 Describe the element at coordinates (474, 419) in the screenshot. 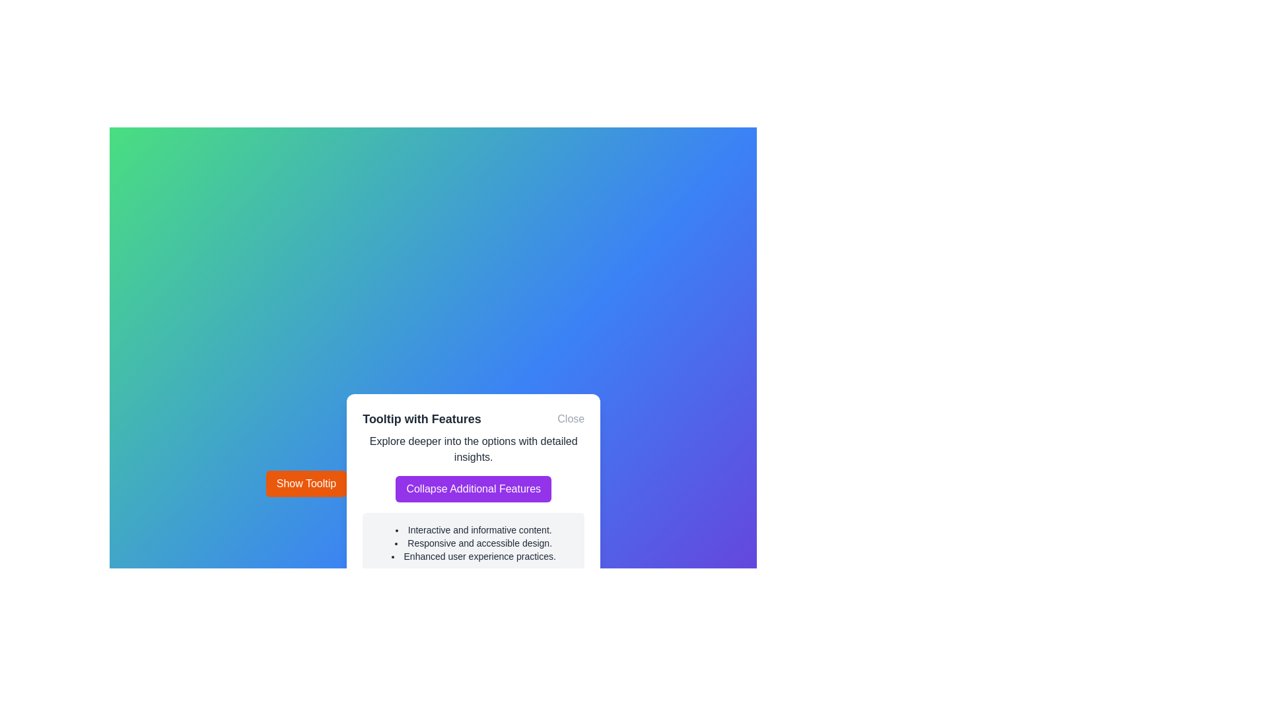

I see `the Header with the title 'Tooltip with Features' and the 'Close' link on the right side of the tooltip panel` at that location.